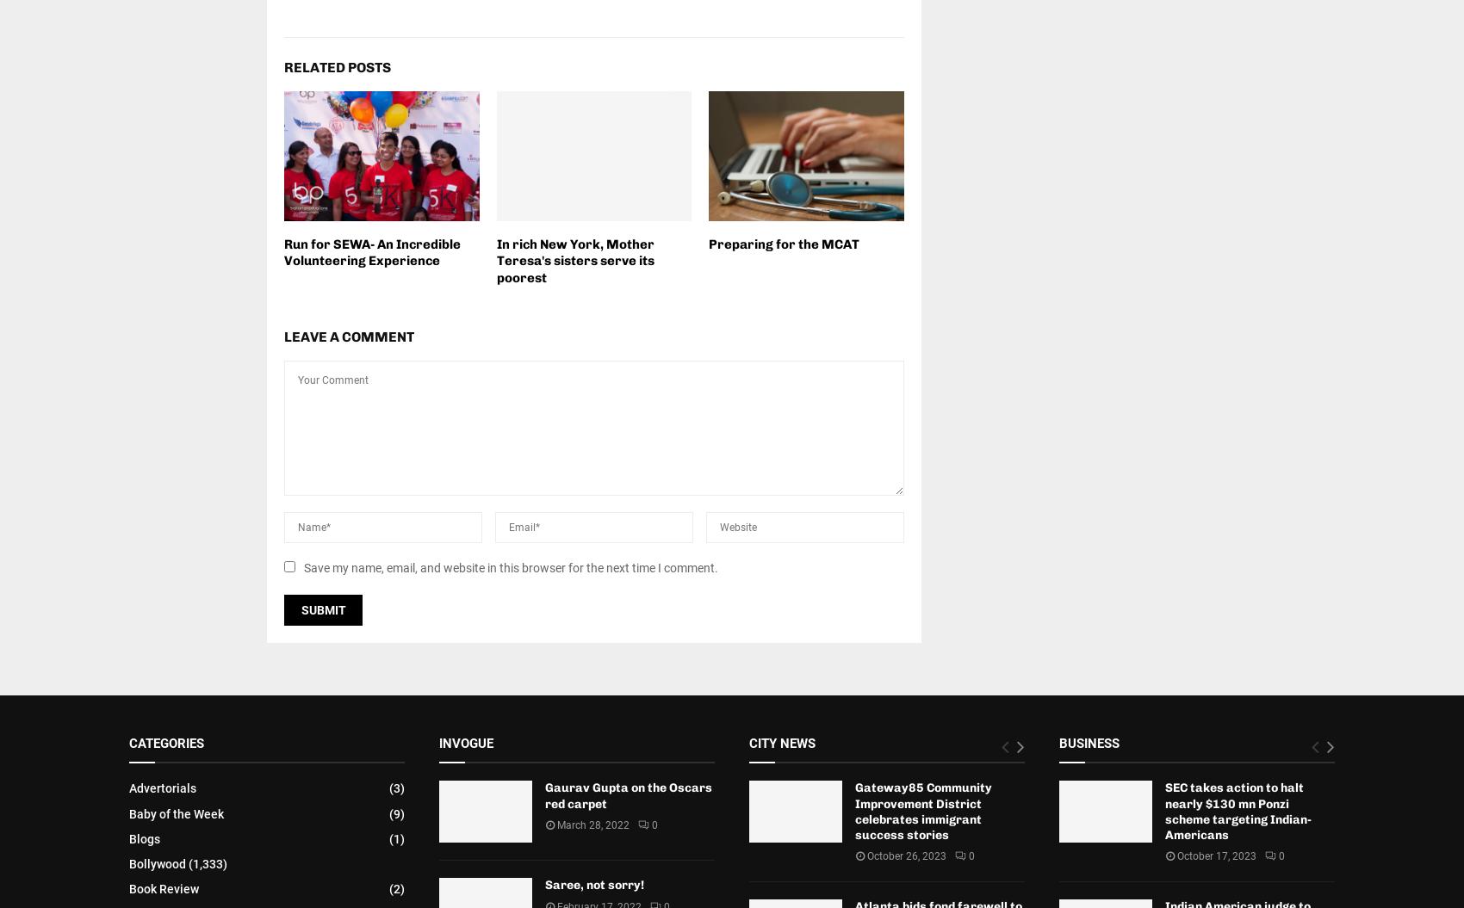  What do you see at coordinates (176, 812) in the screenshot?
I see `'Baby of the Week'` at bounding box center [176, 812].